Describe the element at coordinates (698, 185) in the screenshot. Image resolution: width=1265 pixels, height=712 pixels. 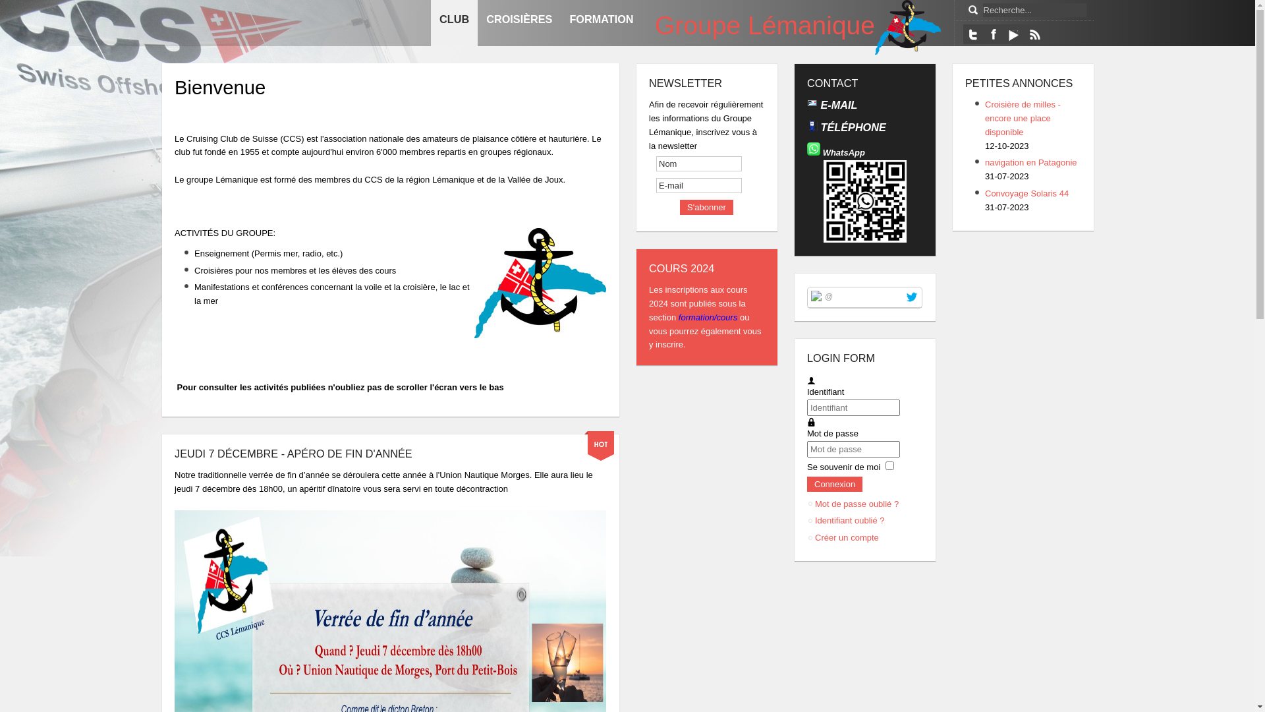
I see `'E-mail'` at that location.